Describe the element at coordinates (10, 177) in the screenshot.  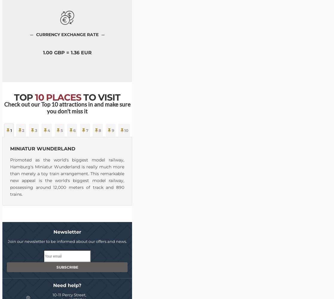
I see `'Promoted as the world's biggest model railway, Hamburg's Miniatur Wunderland is really much more than merely a toy train arrangement. This remarkable new appeal is the world's biggest model railway, possessing around 12,000 meters of track and 890 trains.'` at that location.